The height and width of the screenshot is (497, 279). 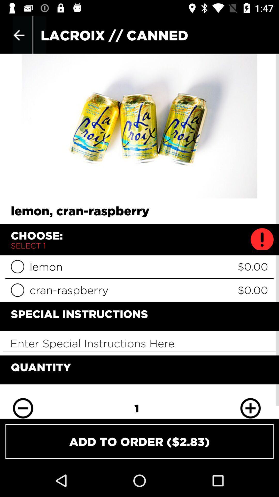 I want to click on the item at the top left corner, so click(x=19, y=35).